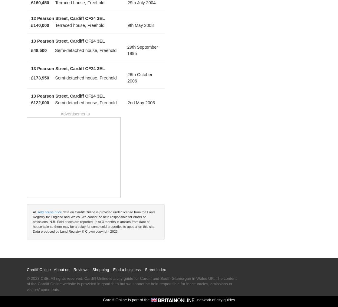  I want to click on 'network of city guides', so click(215, 299).